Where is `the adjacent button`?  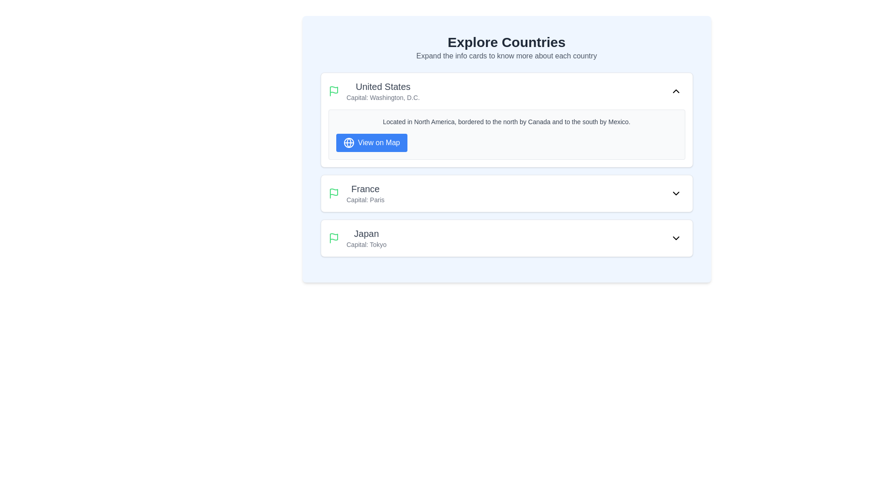 the adjacent button is located at coordinates (506, 237).